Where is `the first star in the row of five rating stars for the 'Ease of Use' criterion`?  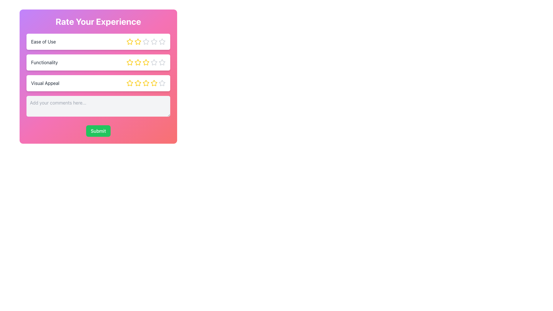
the first star in the row of five rating stars for the 'Ease of Use' criterion is located at coordinates (129, 41).